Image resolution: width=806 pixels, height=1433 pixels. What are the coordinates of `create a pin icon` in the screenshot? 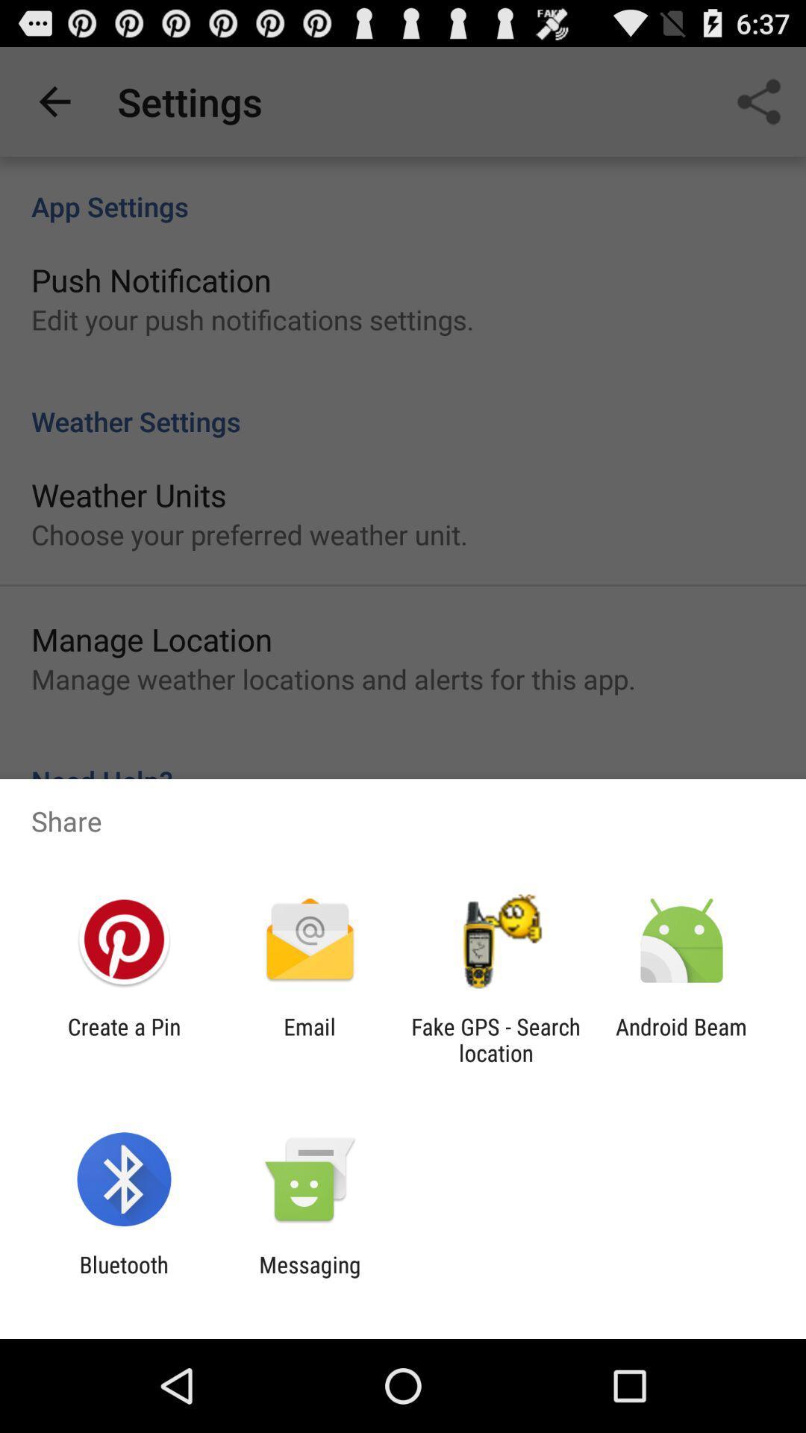 It's located at (123, 1039).